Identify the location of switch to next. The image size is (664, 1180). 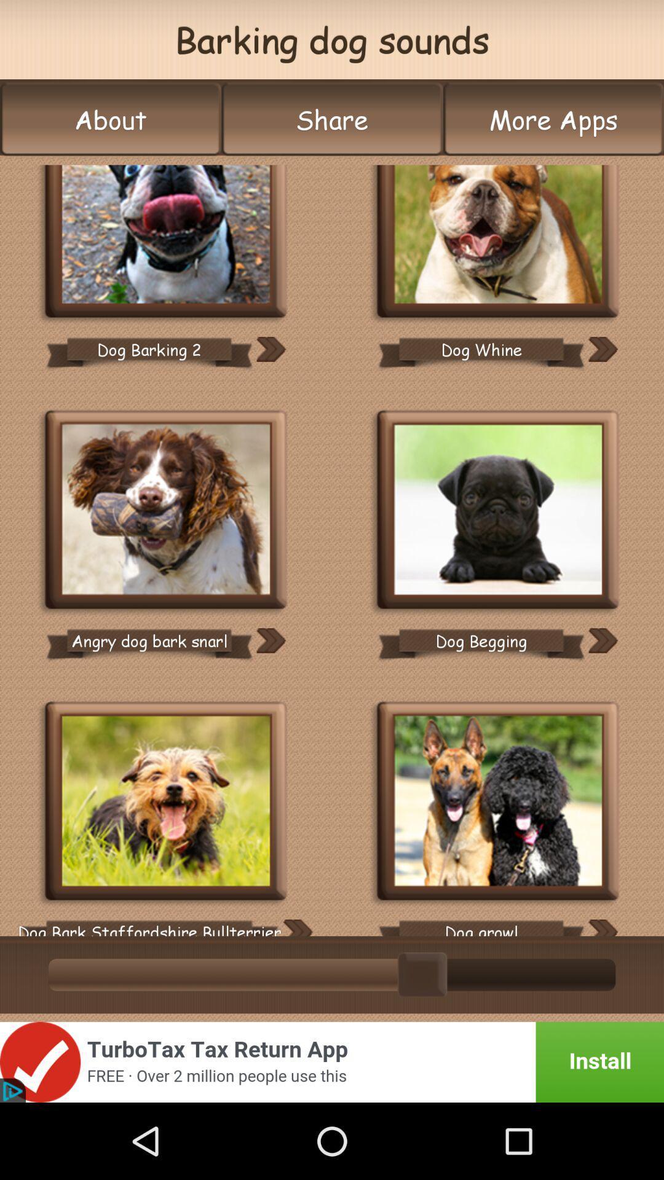
(297, 927).